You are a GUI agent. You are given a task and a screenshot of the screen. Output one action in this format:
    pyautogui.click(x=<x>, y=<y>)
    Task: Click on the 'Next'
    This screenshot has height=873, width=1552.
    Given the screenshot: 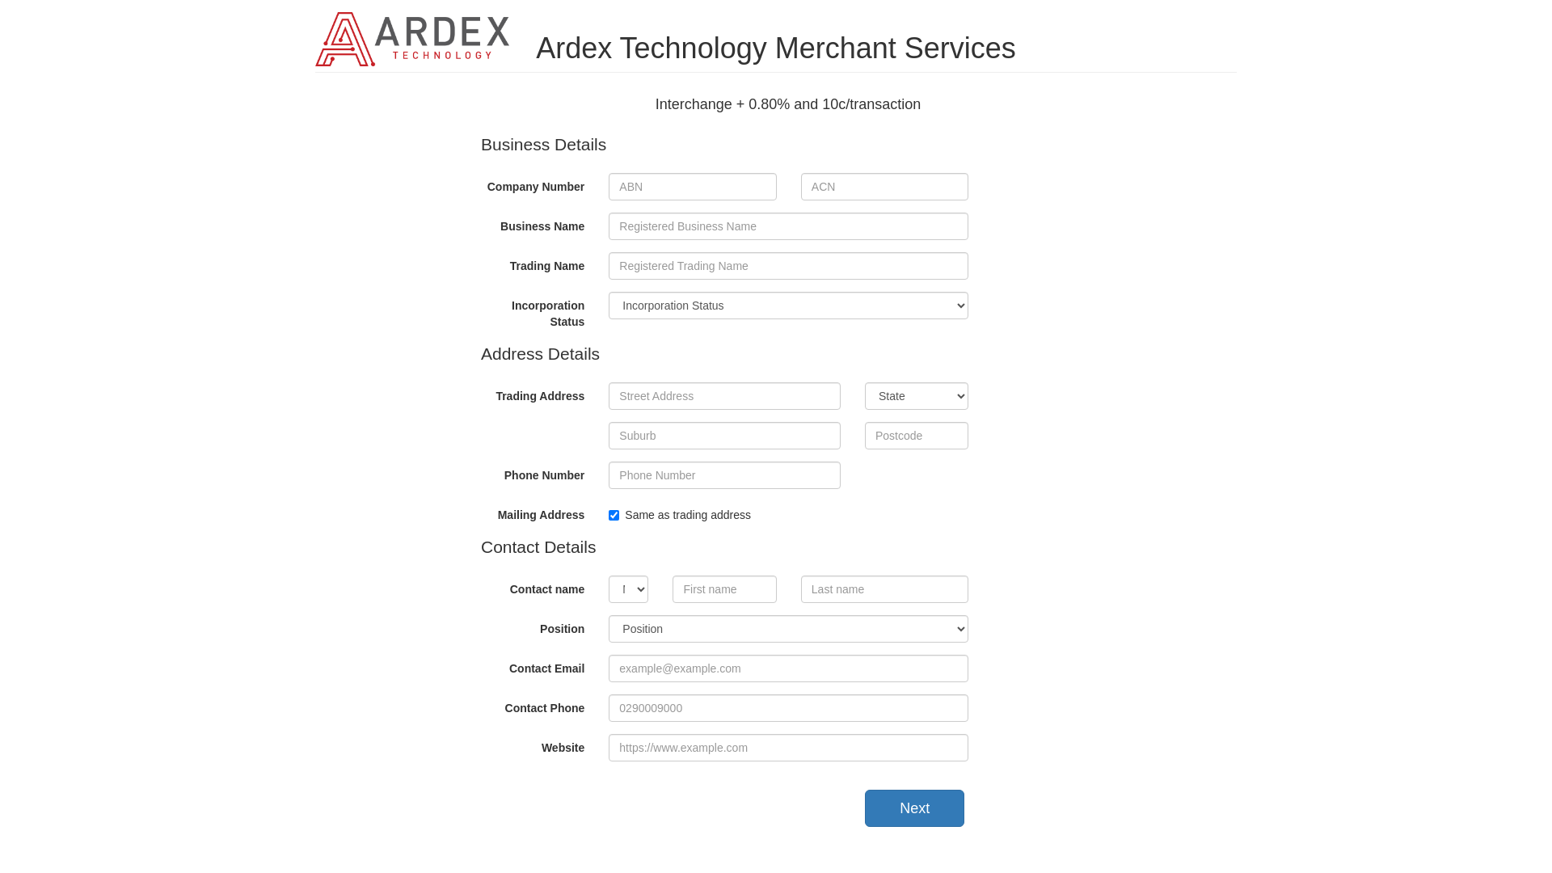 What is the action you would take?
    pyautogui.click(x=914, y=808)
    